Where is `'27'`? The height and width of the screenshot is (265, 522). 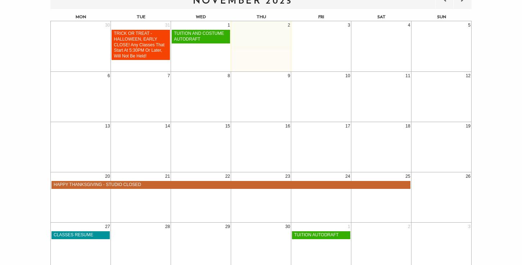
'27' is located at coordinates (105, 226).